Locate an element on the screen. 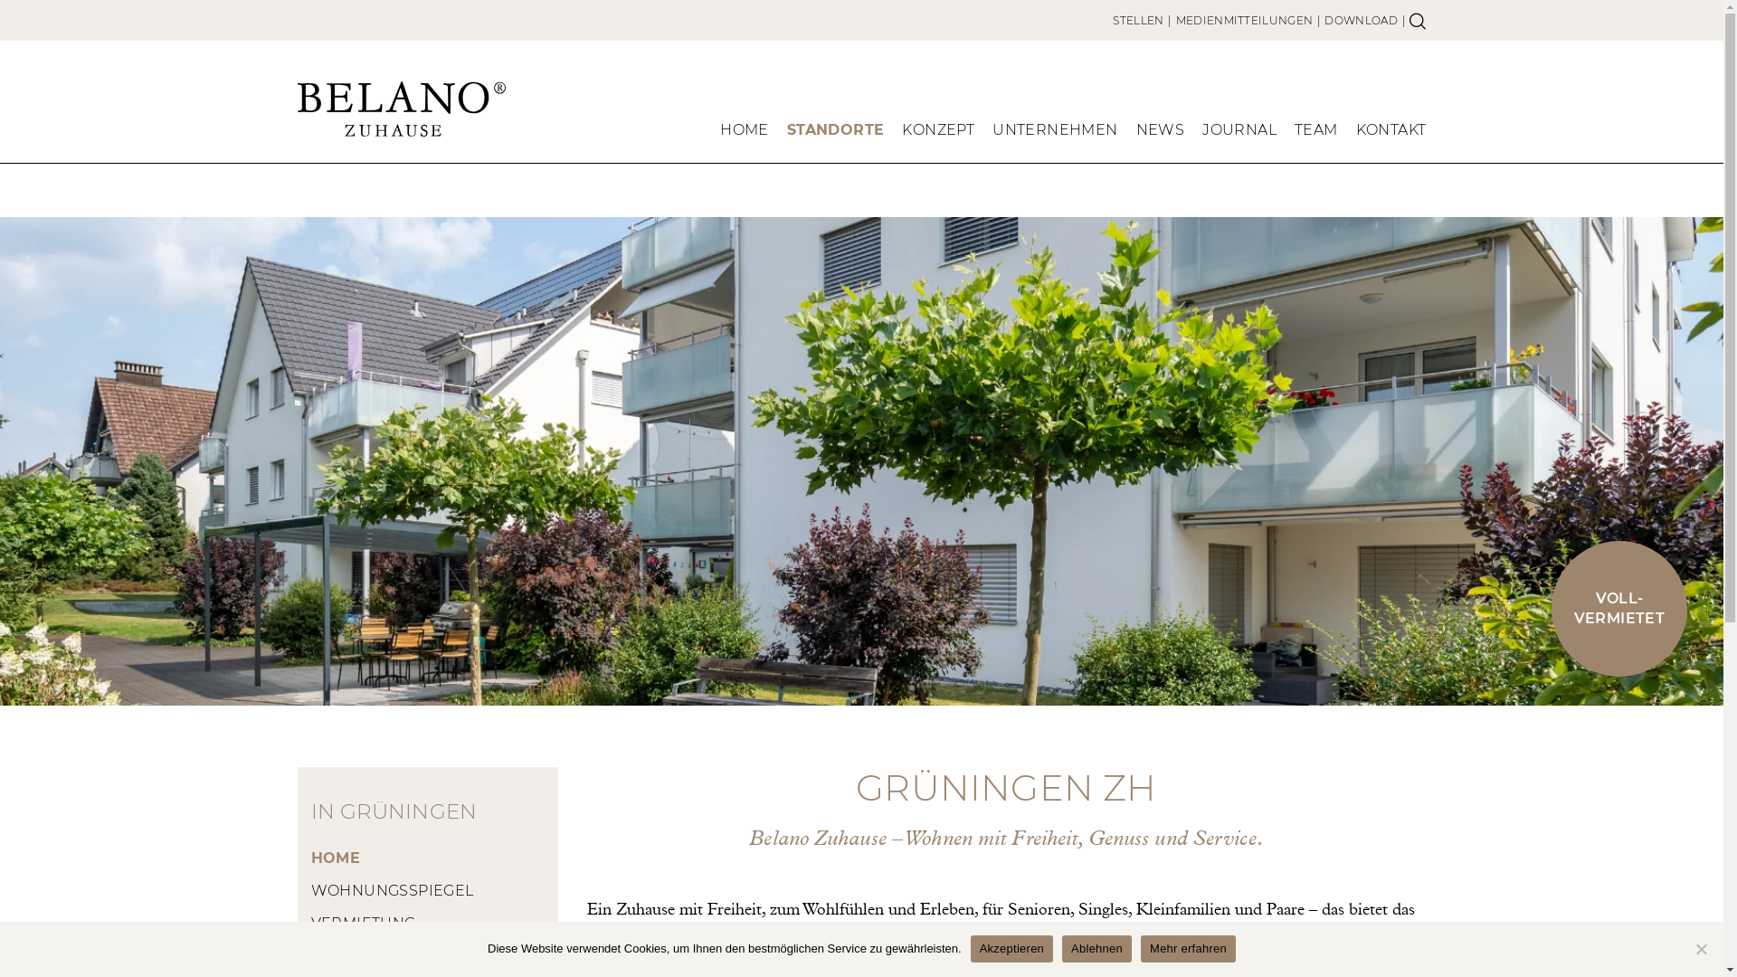 The image size is (1737, 977). 'WOHNUNGSSPIEGEL' is located at coordinates (427, 889).